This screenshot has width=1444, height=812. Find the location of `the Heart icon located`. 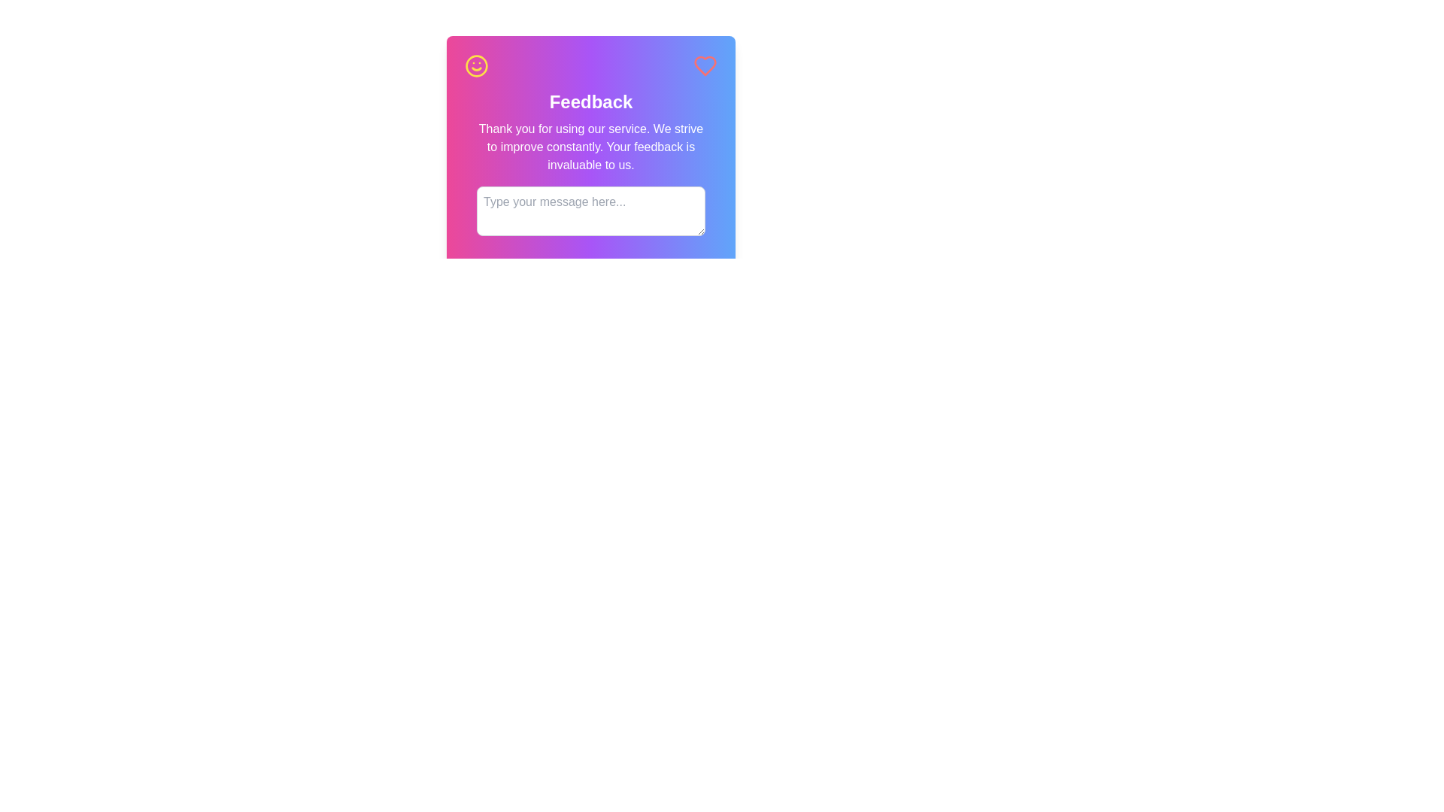

the Heart icon located is located at coordinates (704, 65).